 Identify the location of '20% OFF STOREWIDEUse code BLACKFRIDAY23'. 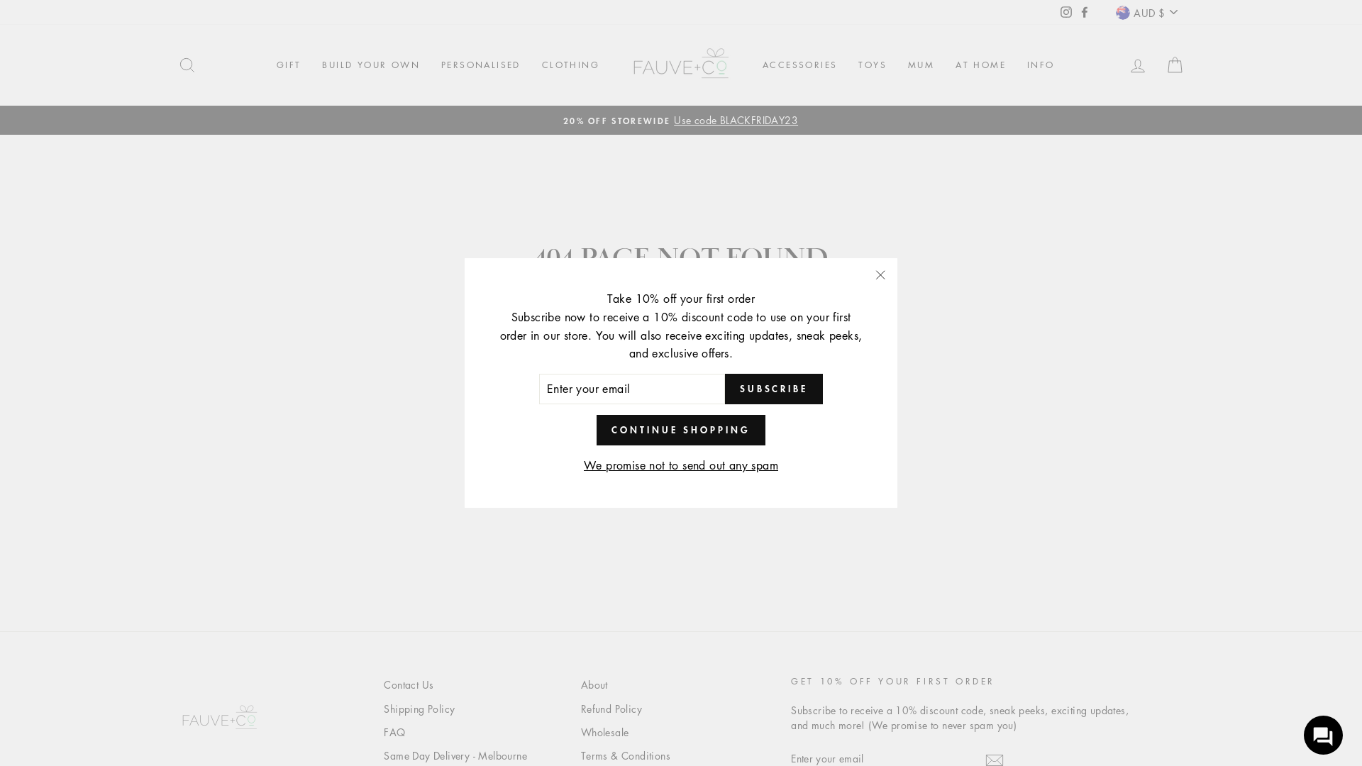
(681, 119).